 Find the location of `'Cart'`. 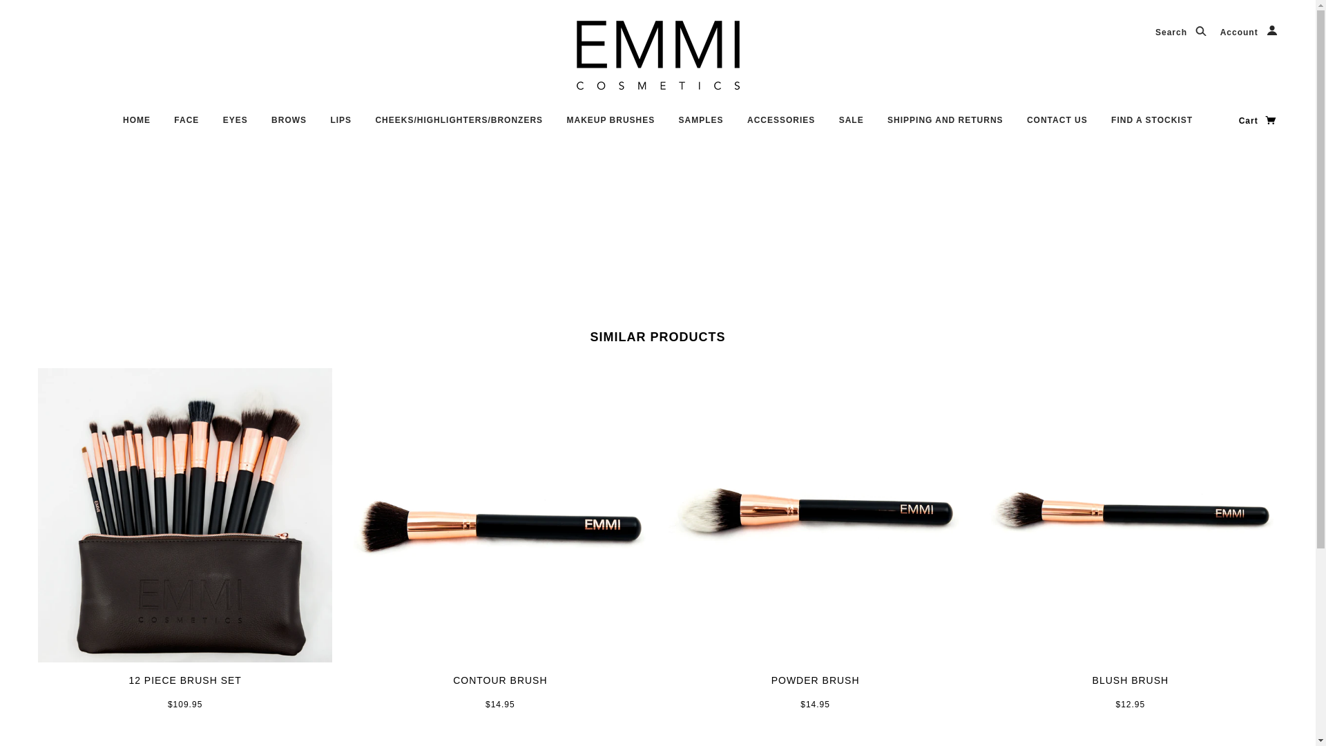

'Cart' is located at coordinates (1258, 119).